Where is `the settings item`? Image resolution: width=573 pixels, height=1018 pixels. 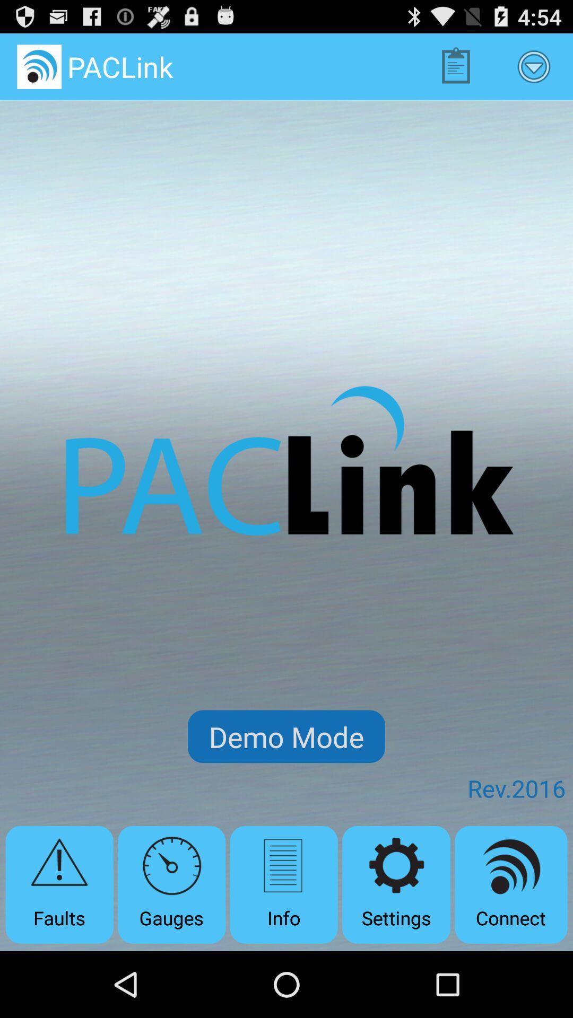 the settings item is located at coordinates (396, 884).